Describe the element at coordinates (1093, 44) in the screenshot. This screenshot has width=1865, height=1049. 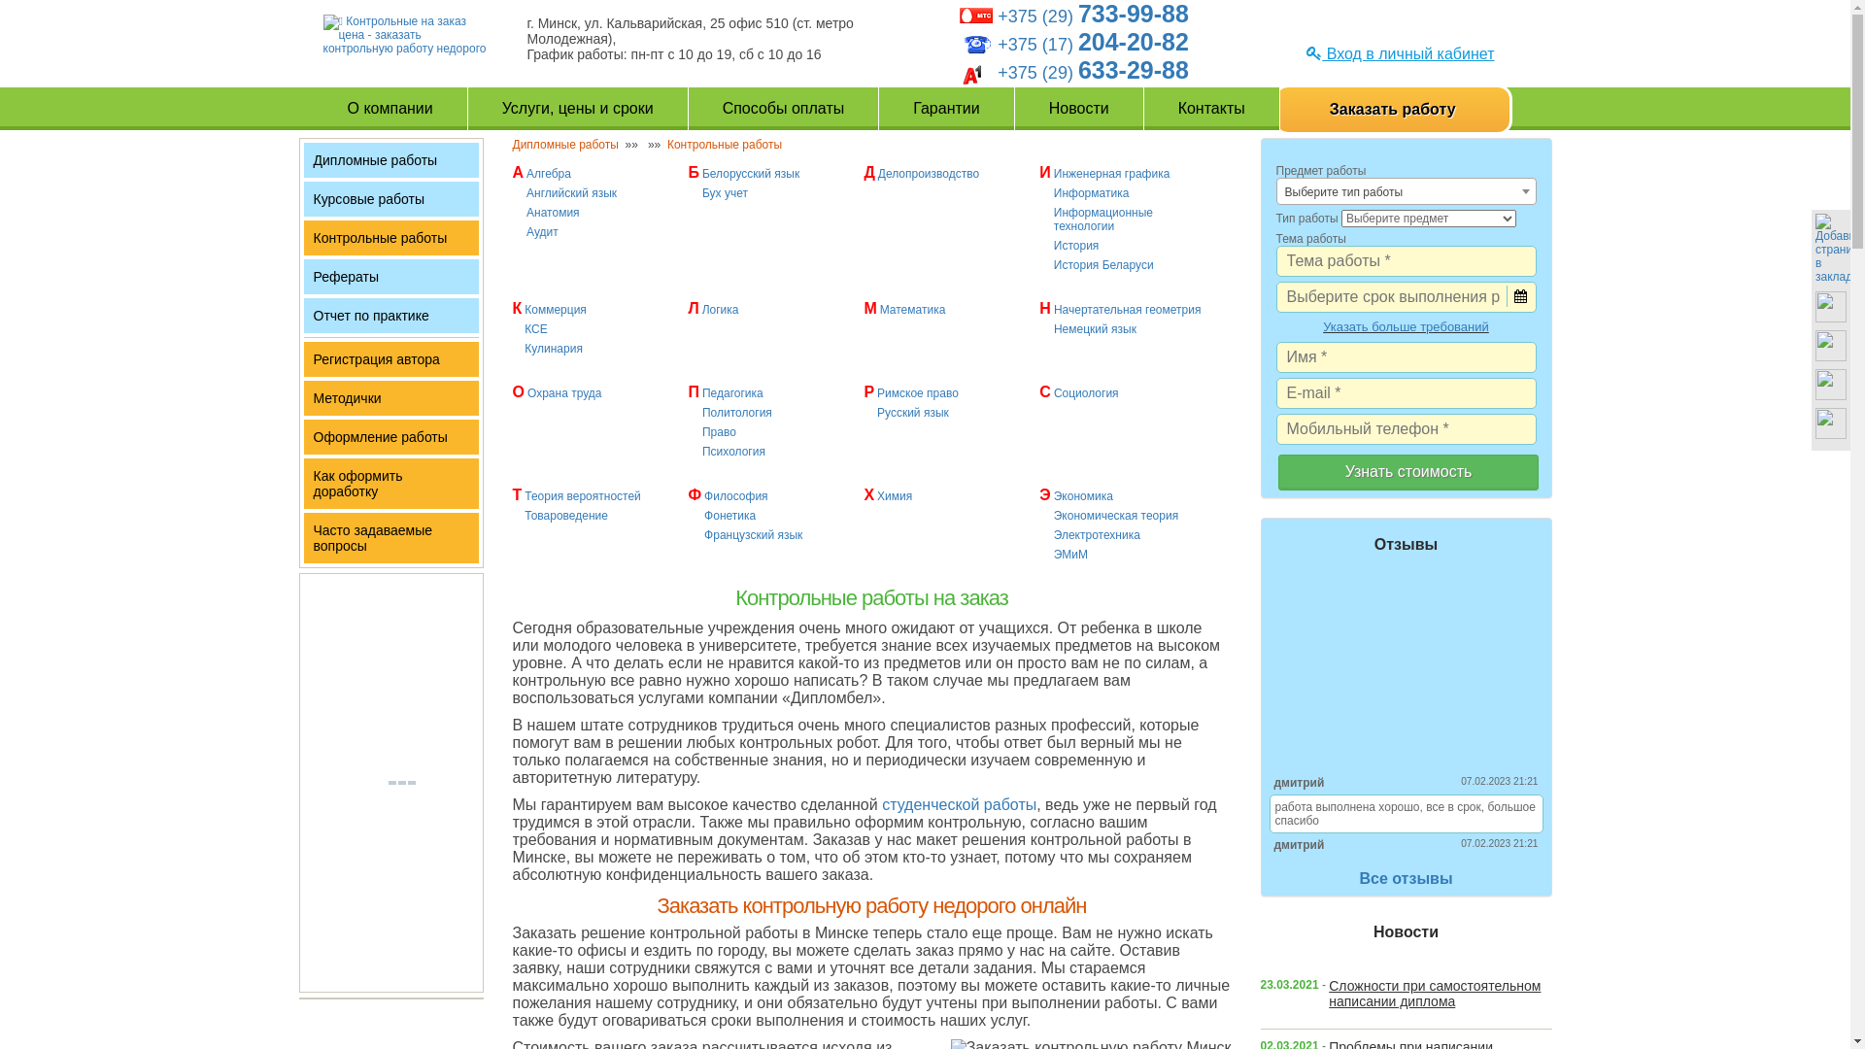
I see `'+375 (17) 204-20-82'` at that location.